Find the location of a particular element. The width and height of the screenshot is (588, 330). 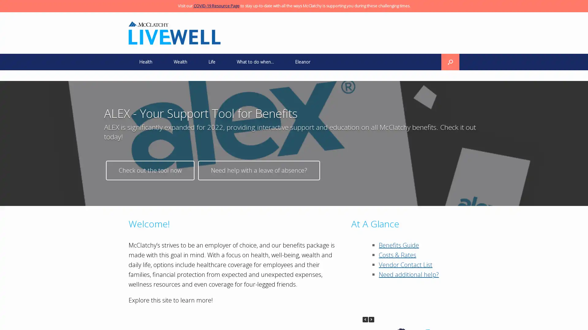

Previous Posts is located at coordinates (365, 319).